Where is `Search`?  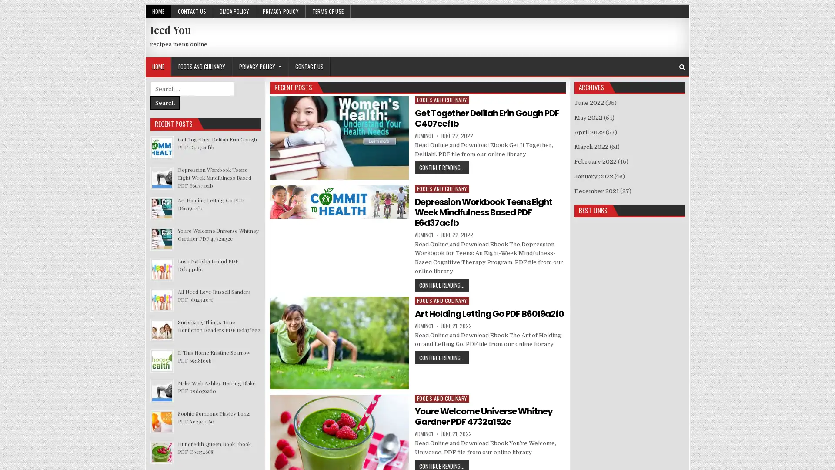
Search is located at coordinates (164, 102).